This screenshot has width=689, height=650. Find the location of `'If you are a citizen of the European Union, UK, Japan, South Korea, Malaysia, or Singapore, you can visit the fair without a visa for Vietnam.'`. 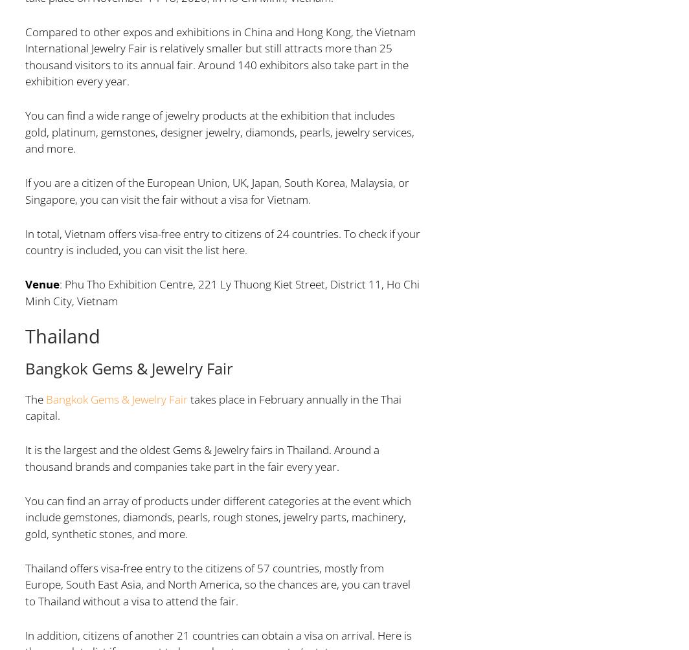

'If you are a citizen of the European Union, UK, Japan, South Korea, Malaysia, or Singapore, you can visit the fair without a visa for Vietnam.' is located at coordinates (216, 190).